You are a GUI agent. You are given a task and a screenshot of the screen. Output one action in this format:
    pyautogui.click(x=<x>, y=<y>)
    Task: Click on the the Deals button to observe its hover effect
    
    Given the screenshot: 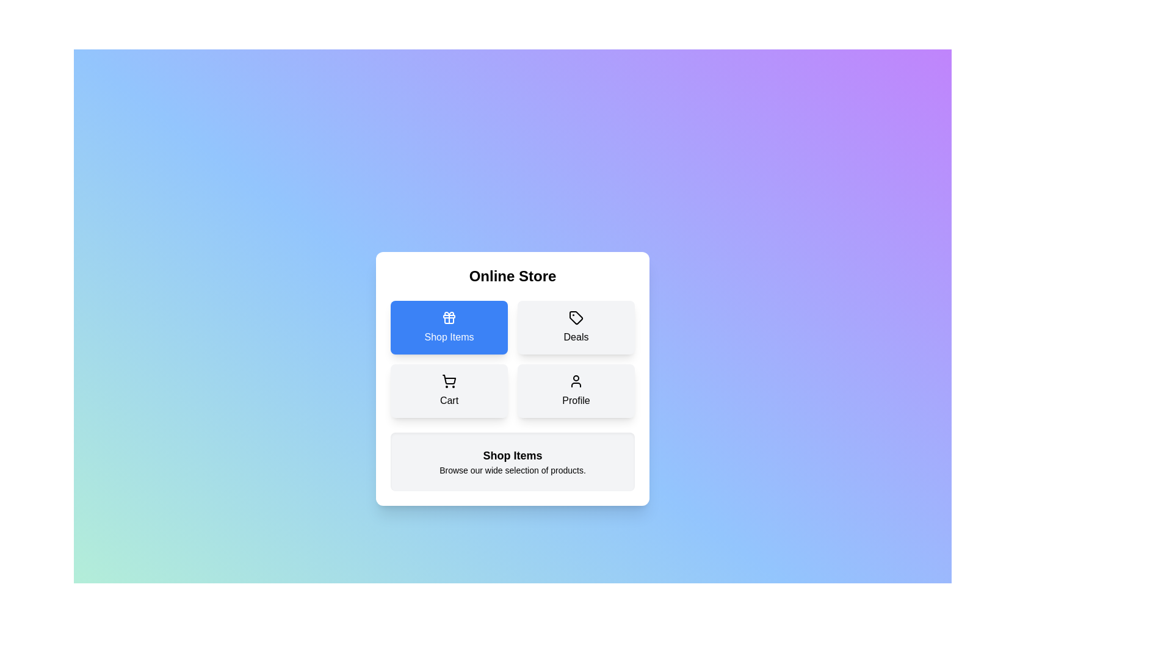 What is the action you would take?
    pyautogui.click(x=576, y=326)
    